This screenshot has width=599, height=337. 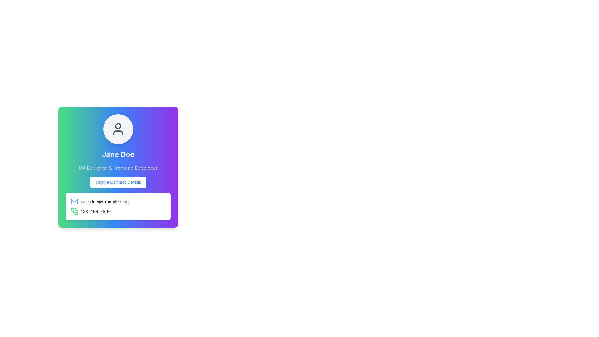 What do you see at coordinates (118, 126) in the screenshot?
I see `the circular graphical element that represents a dot in the head area of the user profile icon, which is centrally located within a user information card` at bounding box center [118, 126].